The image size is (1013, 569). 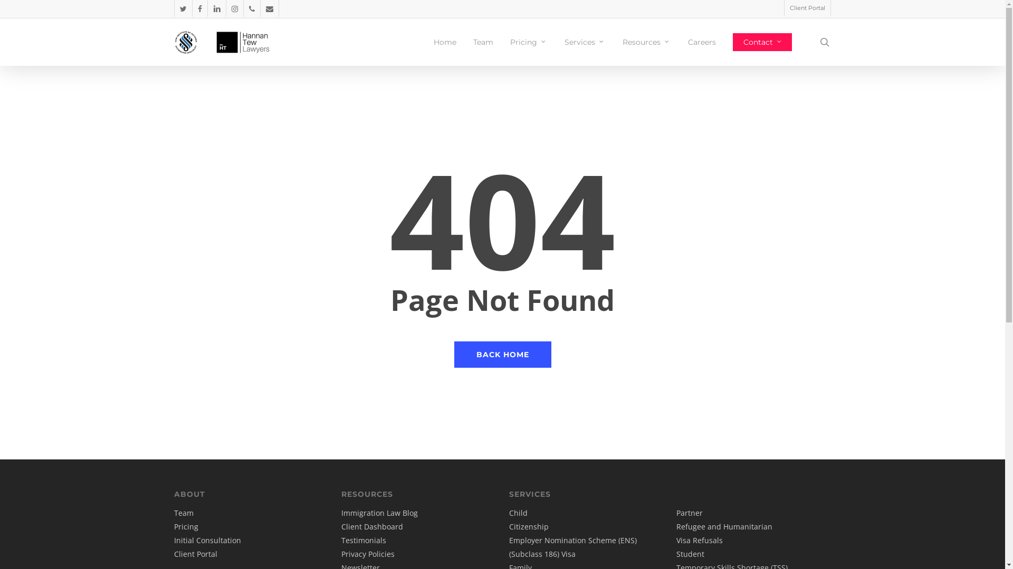 I want to click on 'Email', so click(x=269, y=8).